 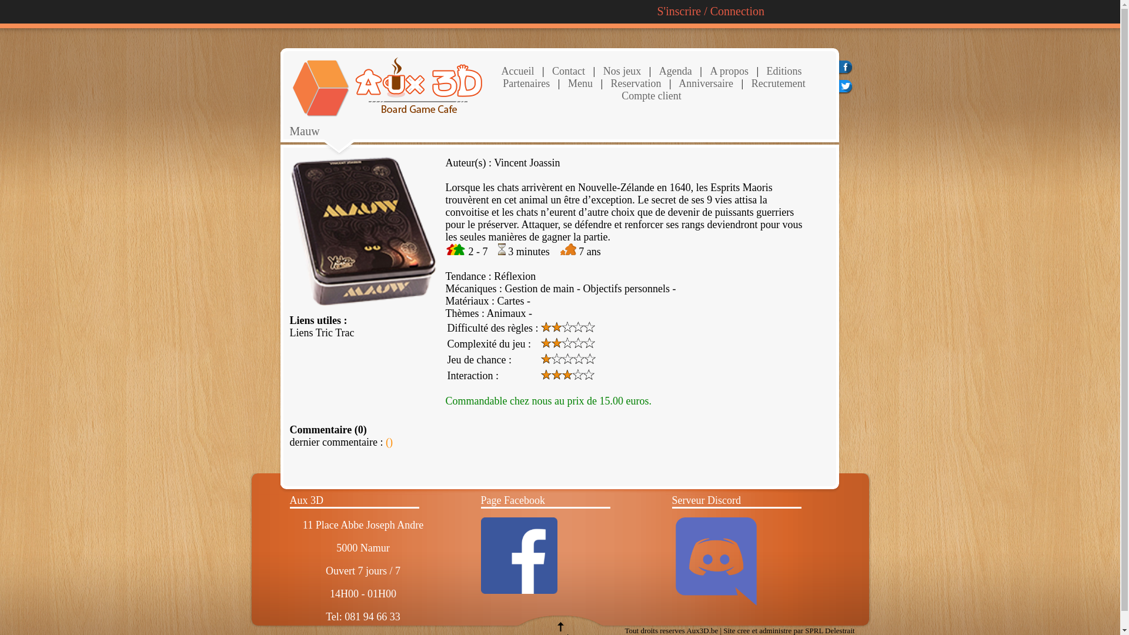 I want to click on 'Liens Tric Trac', so click(x=322, y=333).